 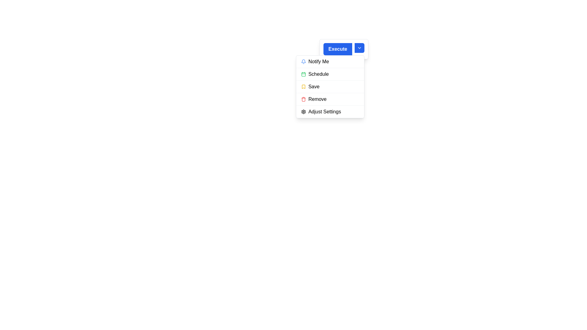 What do you see at coordinates (330, 87) in the screenshot?
I see `to select the 'Save' menu item in the dropdown menu, which is the third item from the top, located below the 'Execute' button` at bounding box center [330, 87].